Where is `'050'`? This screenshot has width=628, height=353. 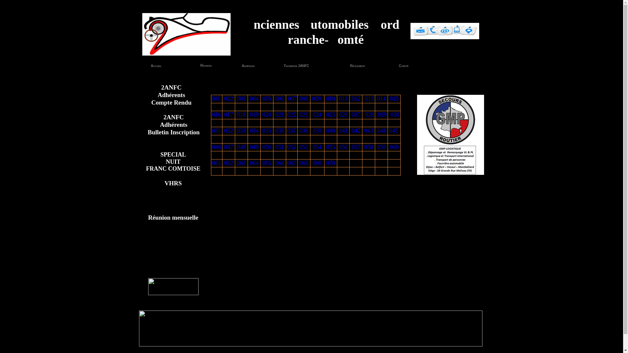
'050' is located at coordinates (267, 147).